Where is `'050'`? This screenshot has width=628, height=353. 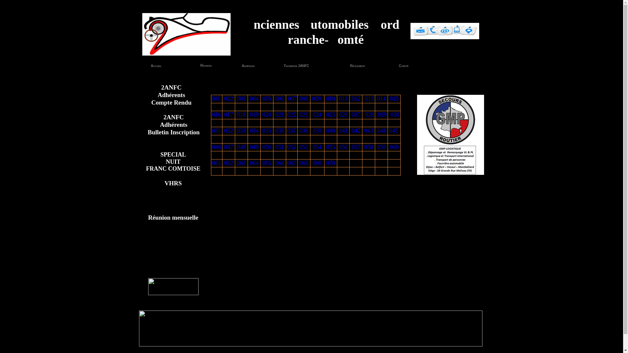
'050' is located at coordinates (267, 147).